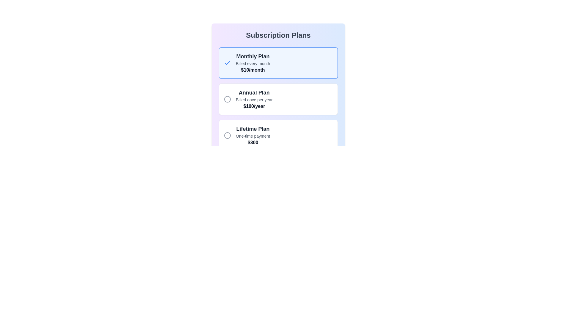 The image size is (571, 321). What do you see at coordinates (227, 63) in the screenshot?
I see `the visual state of the checkmark icon indicating that the 'Monthly Plan' subscription option is currently selected, located at the top of the list of subscription plans` at bounding box center [227, 63].